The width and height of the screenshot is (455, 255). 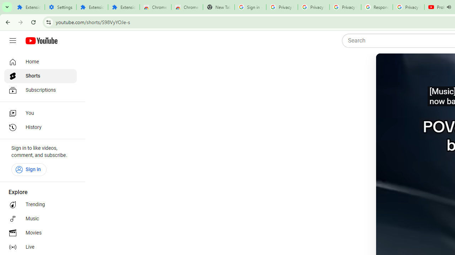 I want to click on 'Sign in', so click(x=28, y=169).